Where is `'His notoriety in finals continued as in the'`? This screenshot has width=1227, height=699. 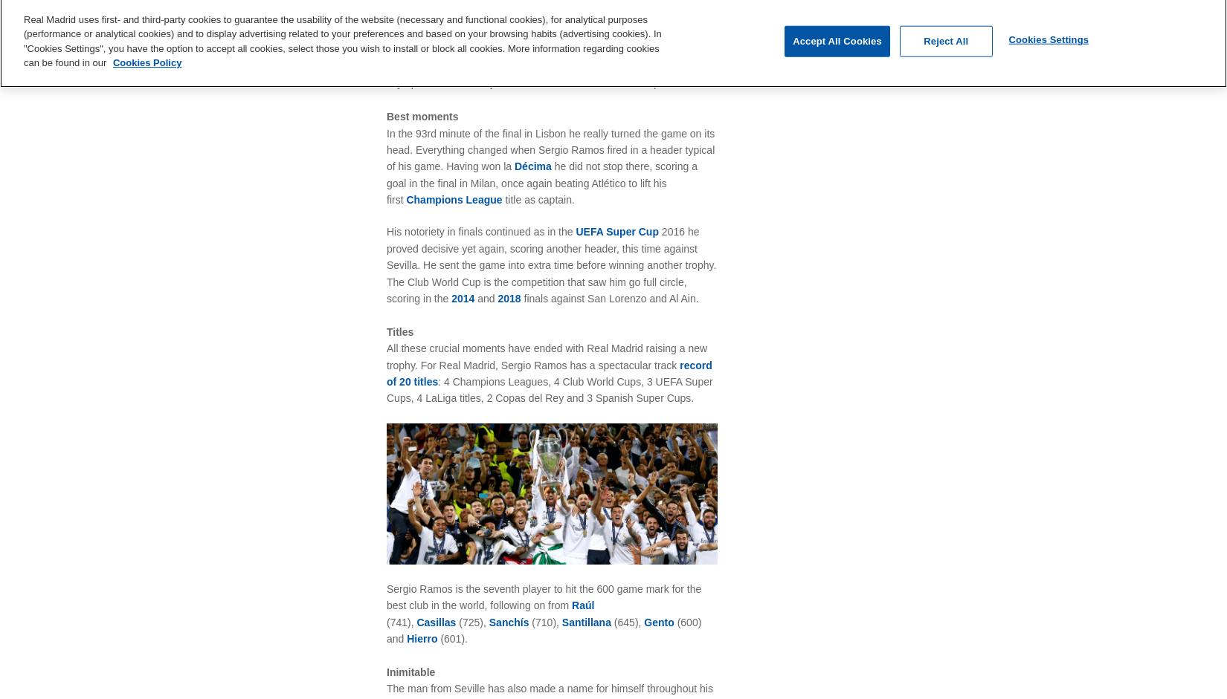
'His notoriety in finals continued as in the' is located at coordinates (386, 231).